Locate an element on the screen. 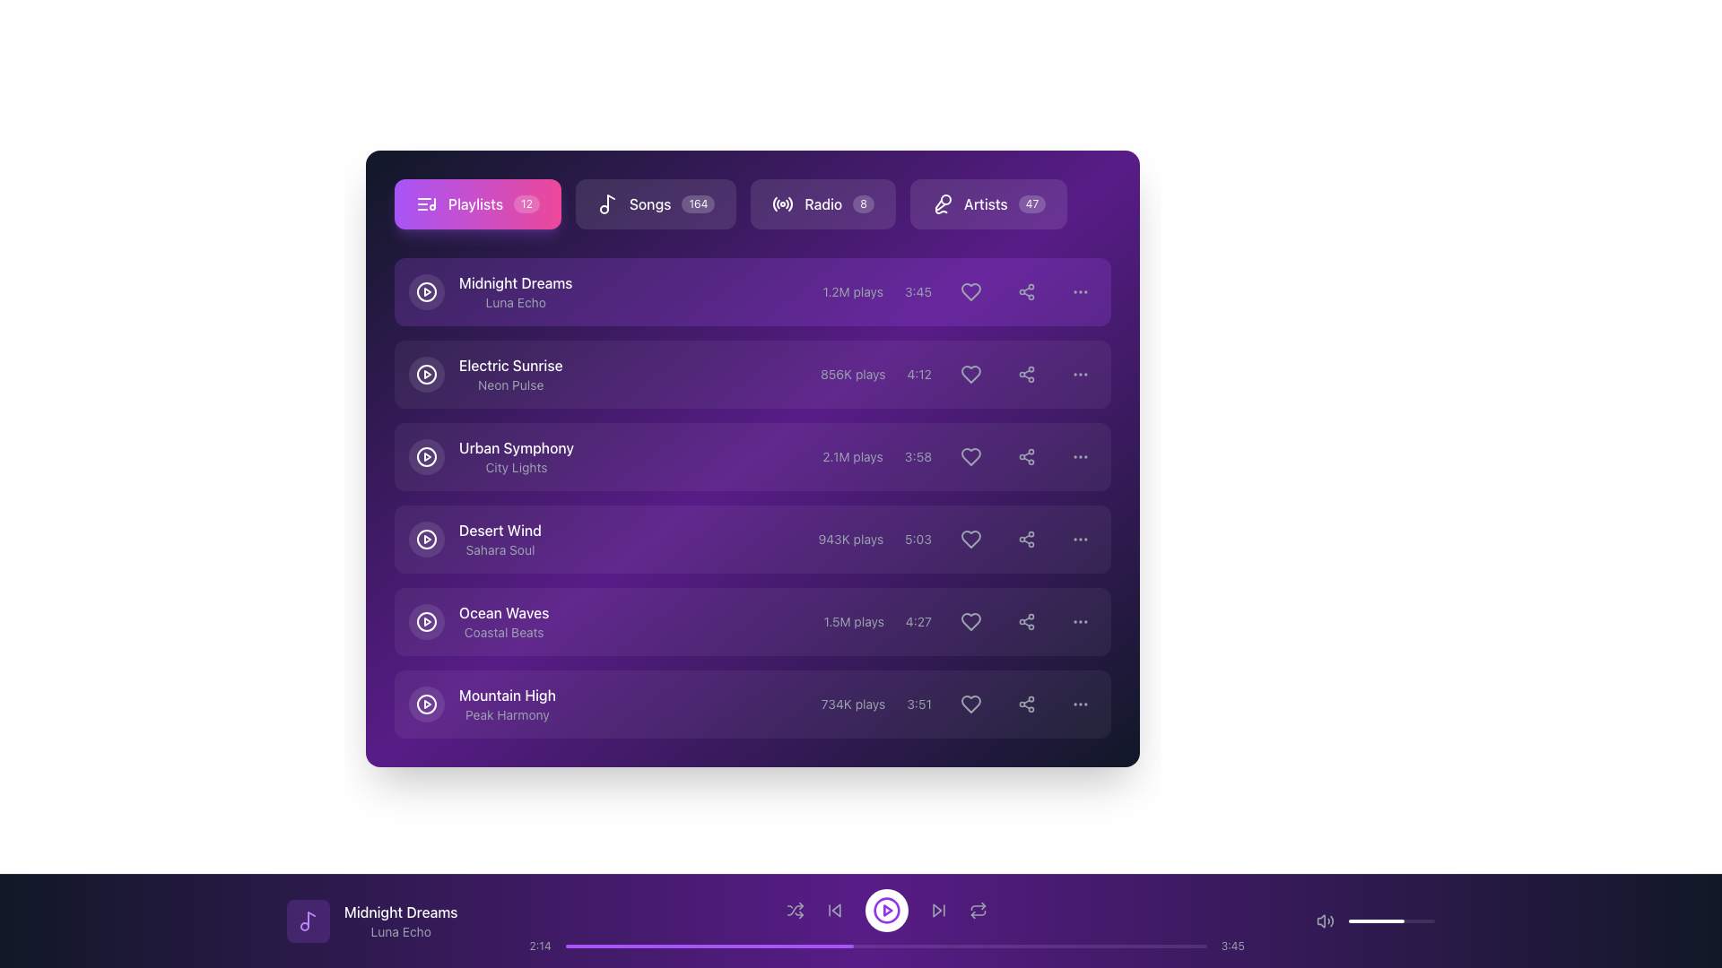  the circular button containing a heart icon outlined with a light gray stroke against a dark purple background is located at coordinates (970, 373).